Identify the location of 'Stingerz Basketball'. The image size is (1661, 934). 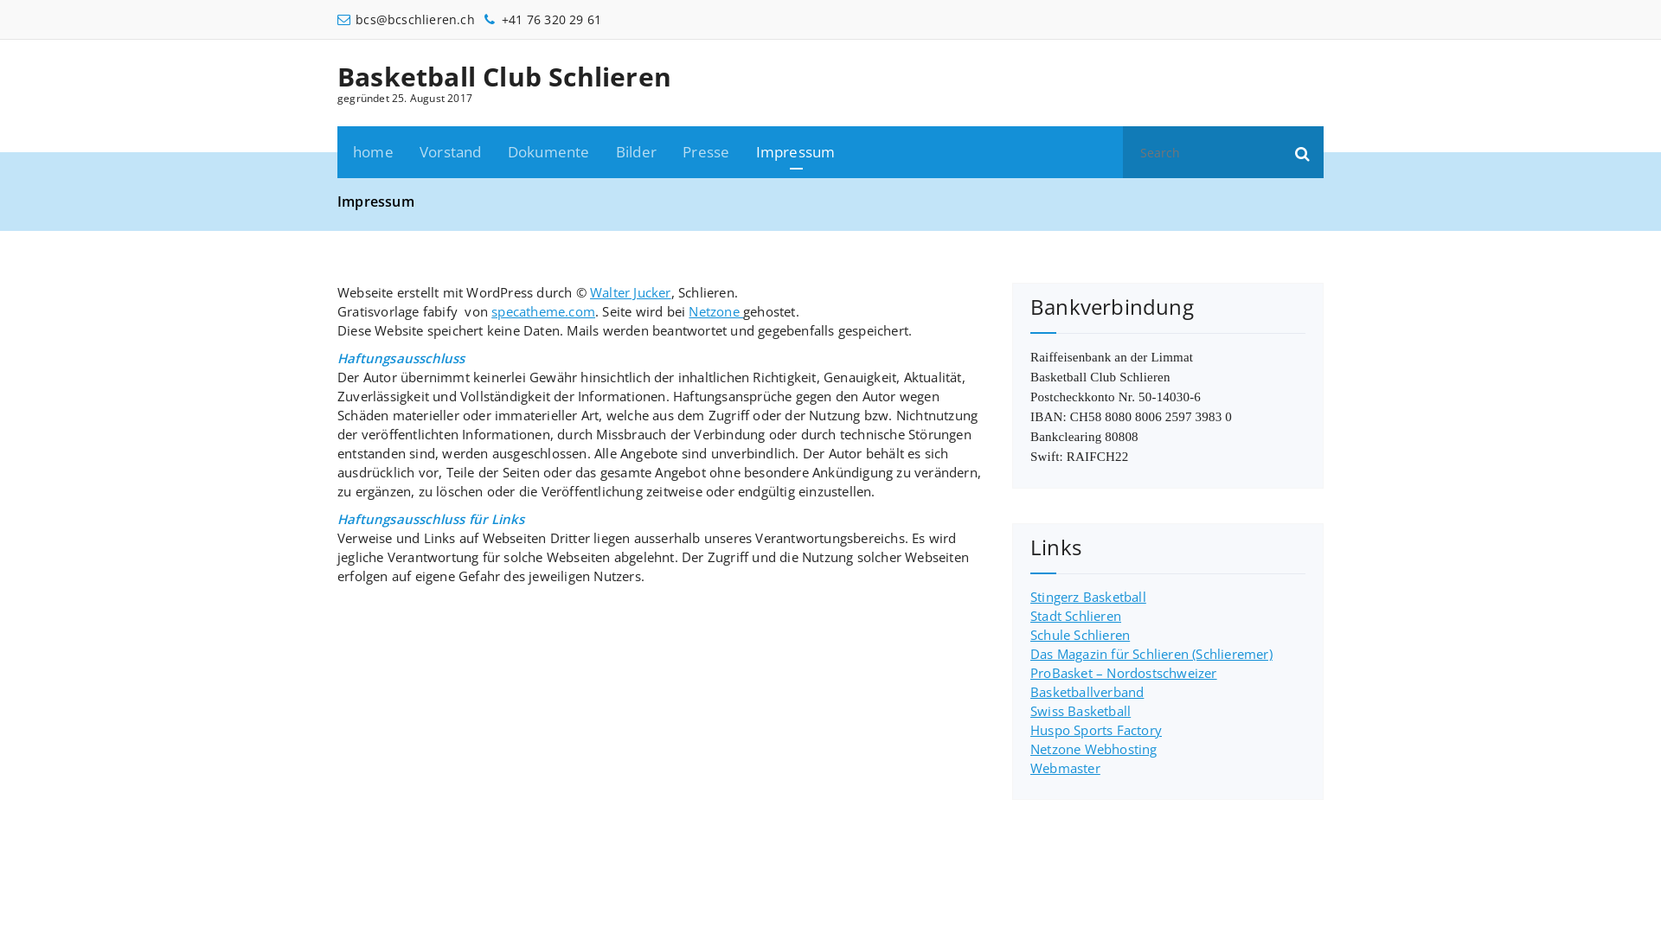
(1087, 596).